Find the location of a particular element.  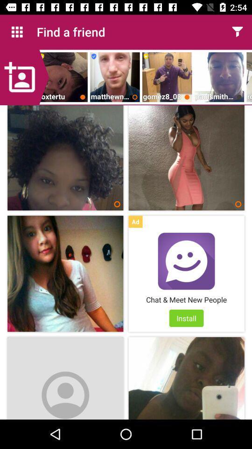

set filters is located at coordinates (237, 32).